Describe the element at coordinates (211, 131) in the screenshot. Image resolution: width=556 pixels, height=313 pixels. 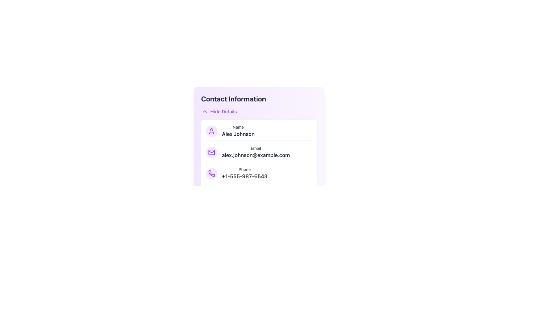
I see `the user profile icon, which is a circular icon with a thin purple outline and light purple background, located in the top-left corner of the contact information card, next to the 'Name' text` at that location.